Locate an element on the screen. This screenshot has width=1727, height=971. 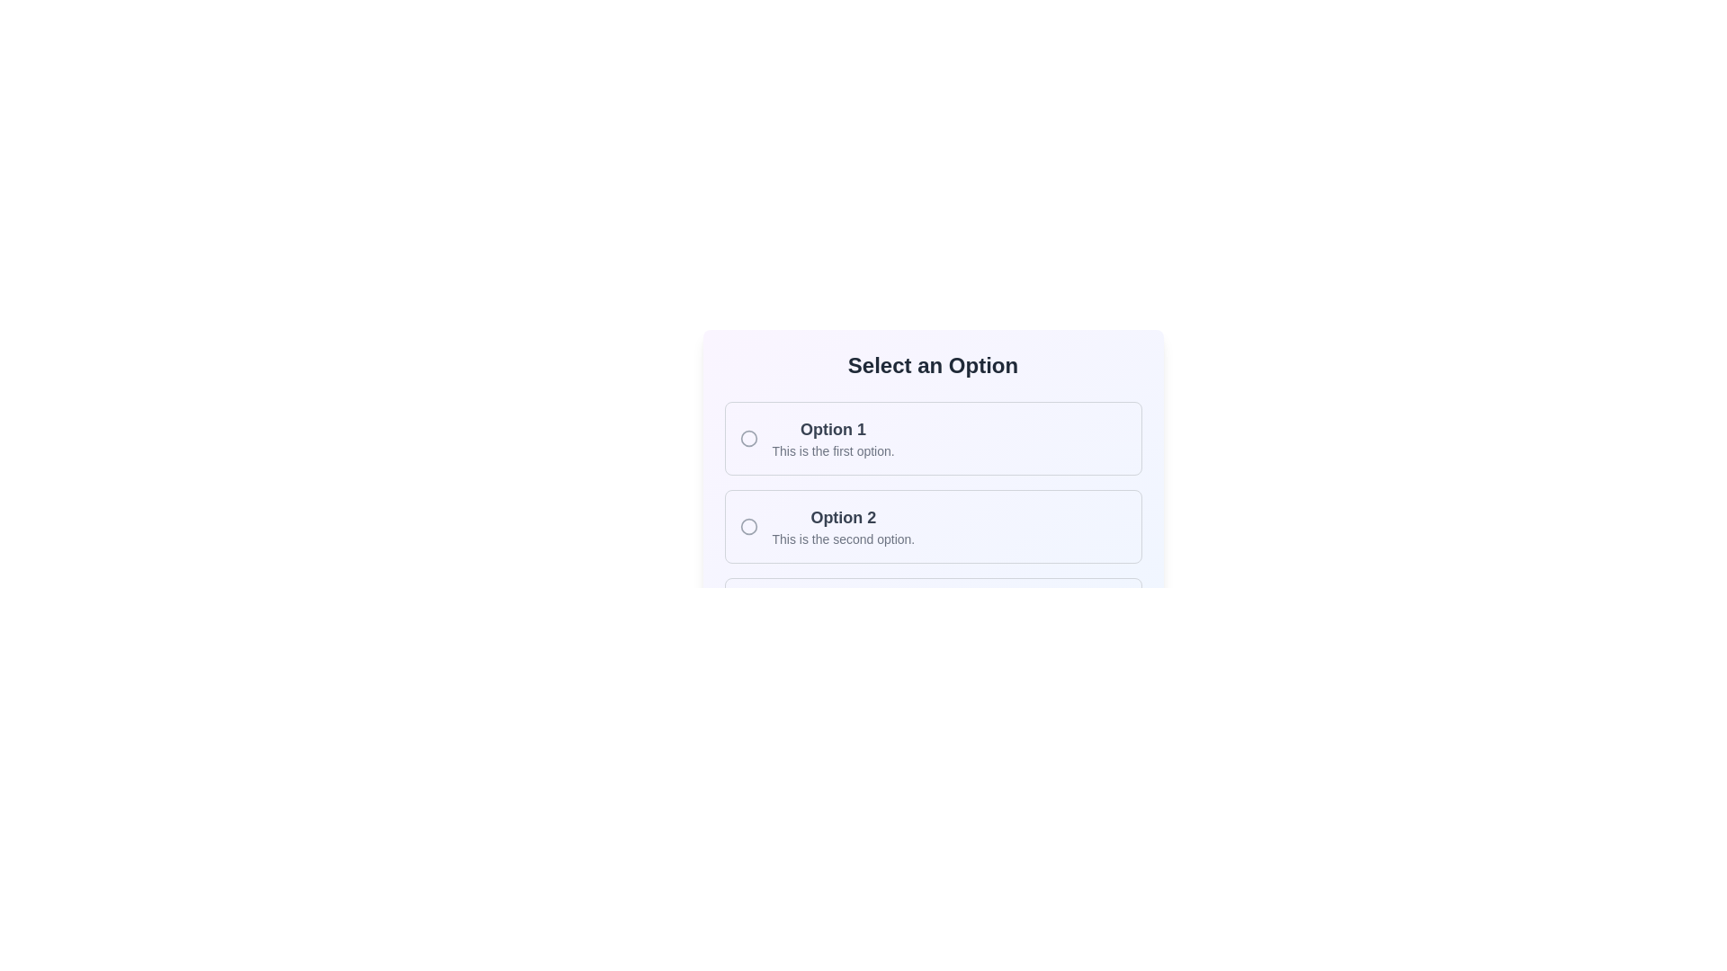
the 'Option 1' text label, which is a bold, dark gray serif font positioned at the upper-left corner of the options card is located at coordinates (832, 430).